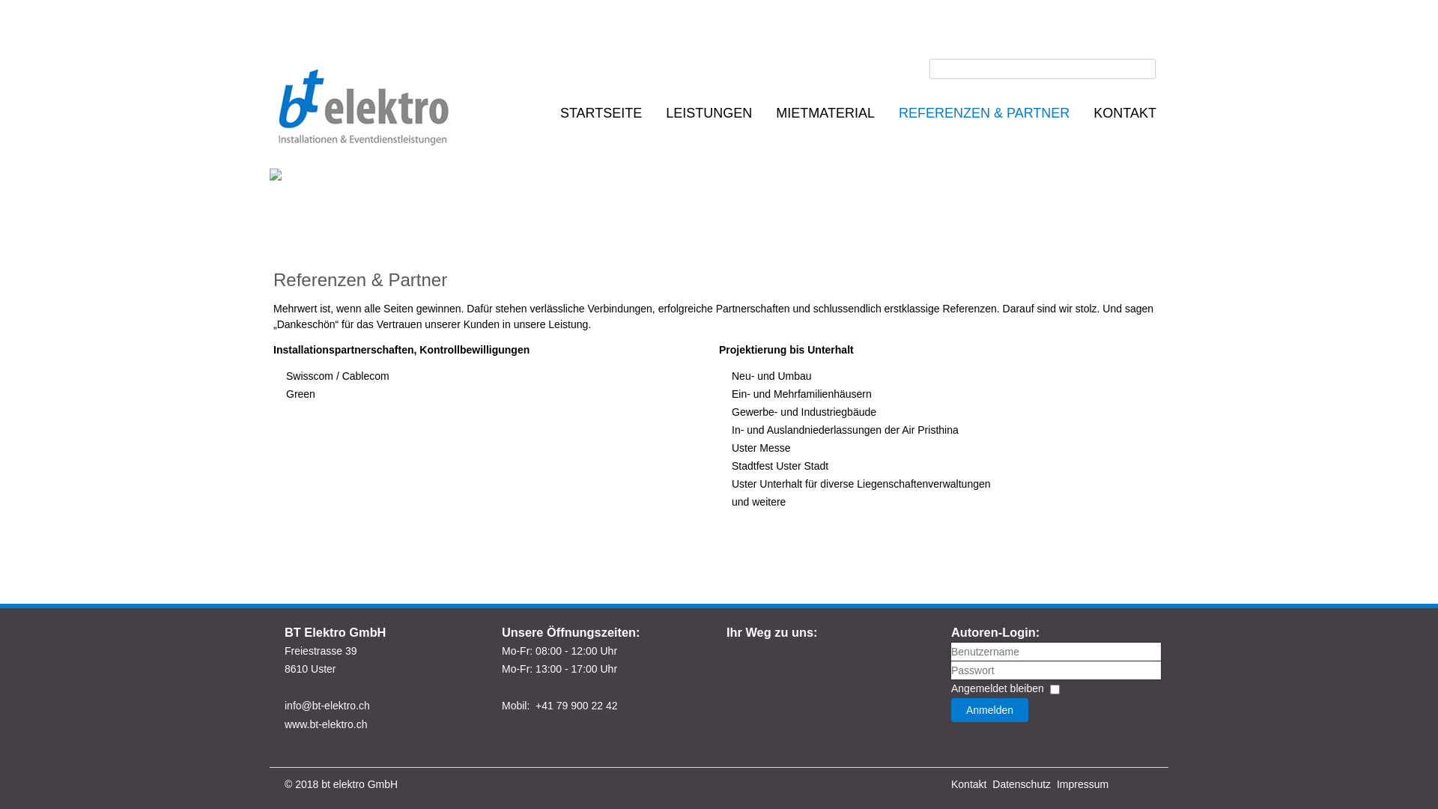 Image resolution: width=1438 pixels, height=809 pixels. I want to click on 'Kontakt', so click(968, 783).